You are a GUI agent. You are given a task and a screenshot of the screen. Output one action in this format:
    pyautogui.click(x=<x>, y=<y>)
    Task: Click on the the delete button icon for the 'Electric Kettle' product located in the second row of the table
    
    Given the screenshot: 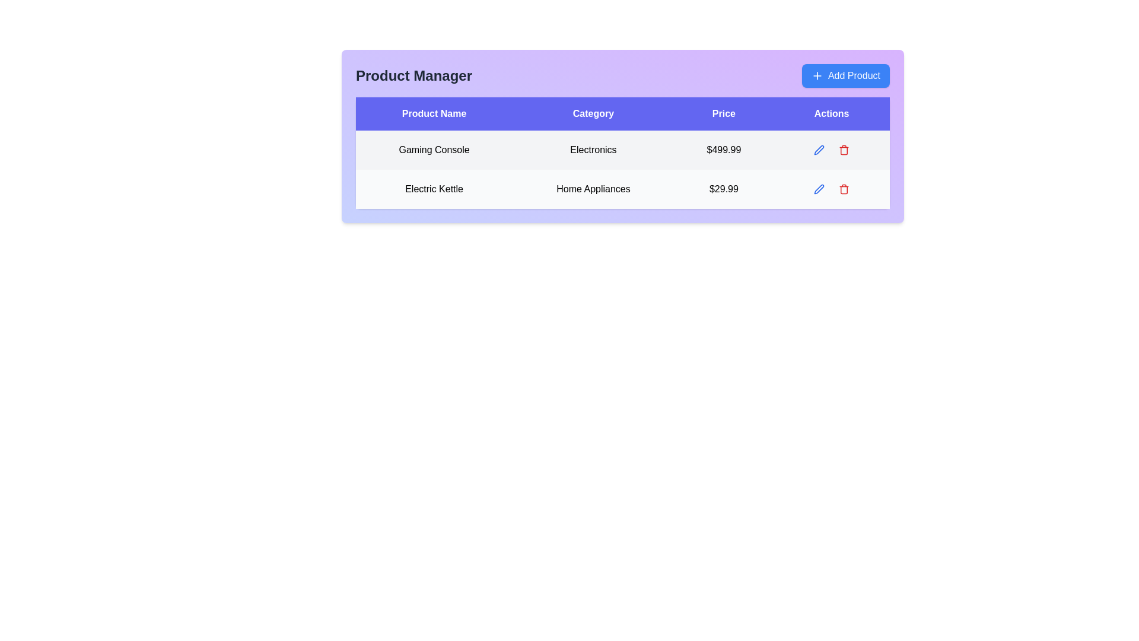 What is the action you would take?
    pyautogui.click(x=844, y=189)
    